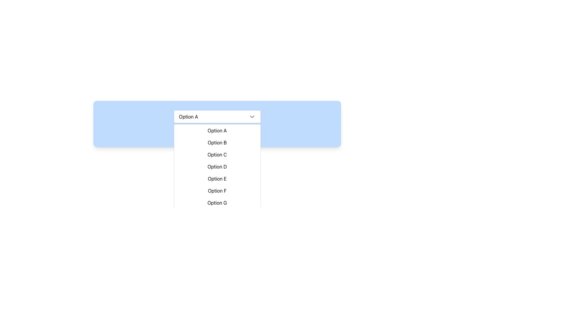 This screenshot has height=325, width=578. Describe the element at coordinates (217, 150) in the screenshot. I see `the dropdown menu with selectable items that has a soft blue top bar and white dropdown list` at that location.